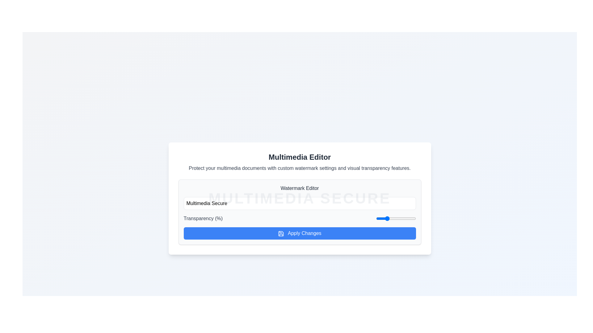  What do you see at coordinates (410, 218) in the screenshot?
I see `the transparency slider` at bounding box center [410, 218].